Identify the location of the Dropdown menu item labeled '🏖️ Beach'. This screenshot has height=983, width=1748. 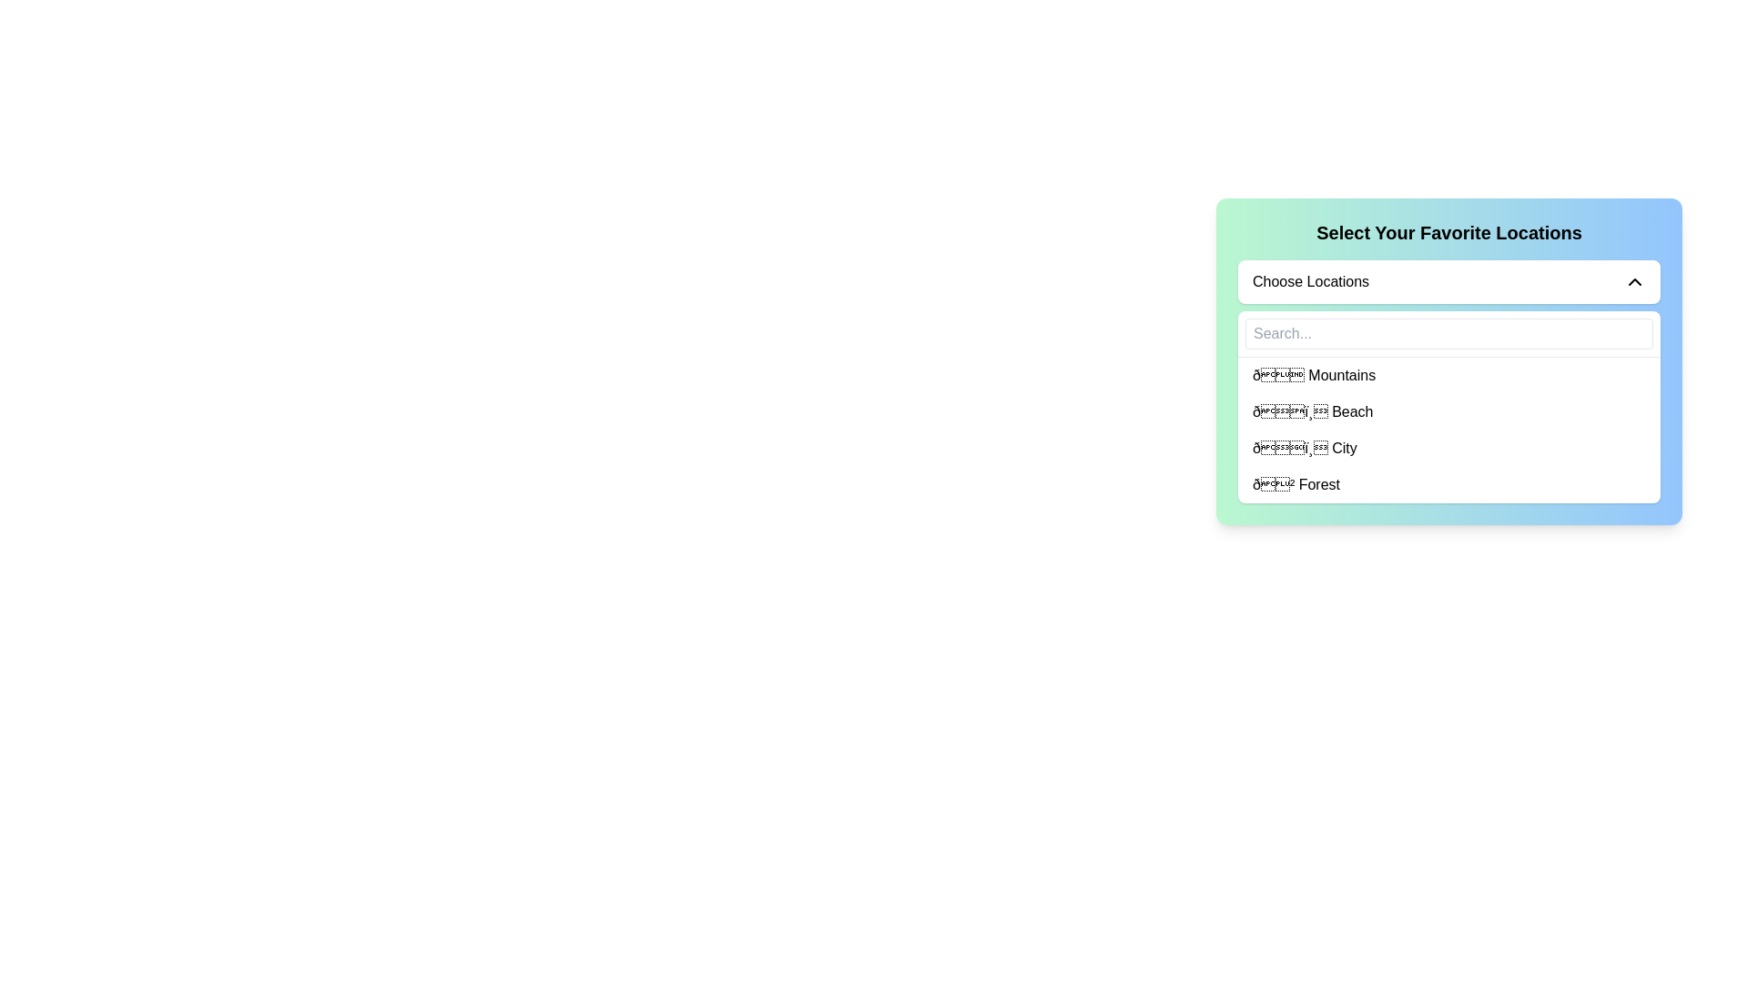
(1448, 411).